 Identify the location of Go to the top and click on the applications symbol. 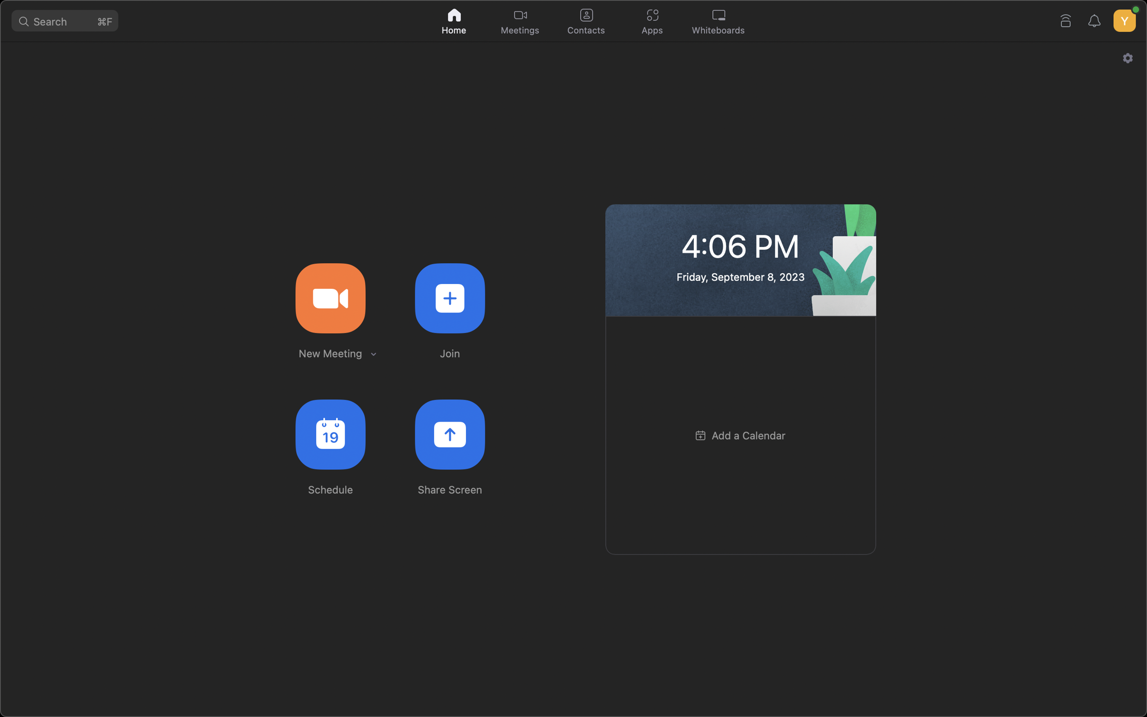
(654, 19).